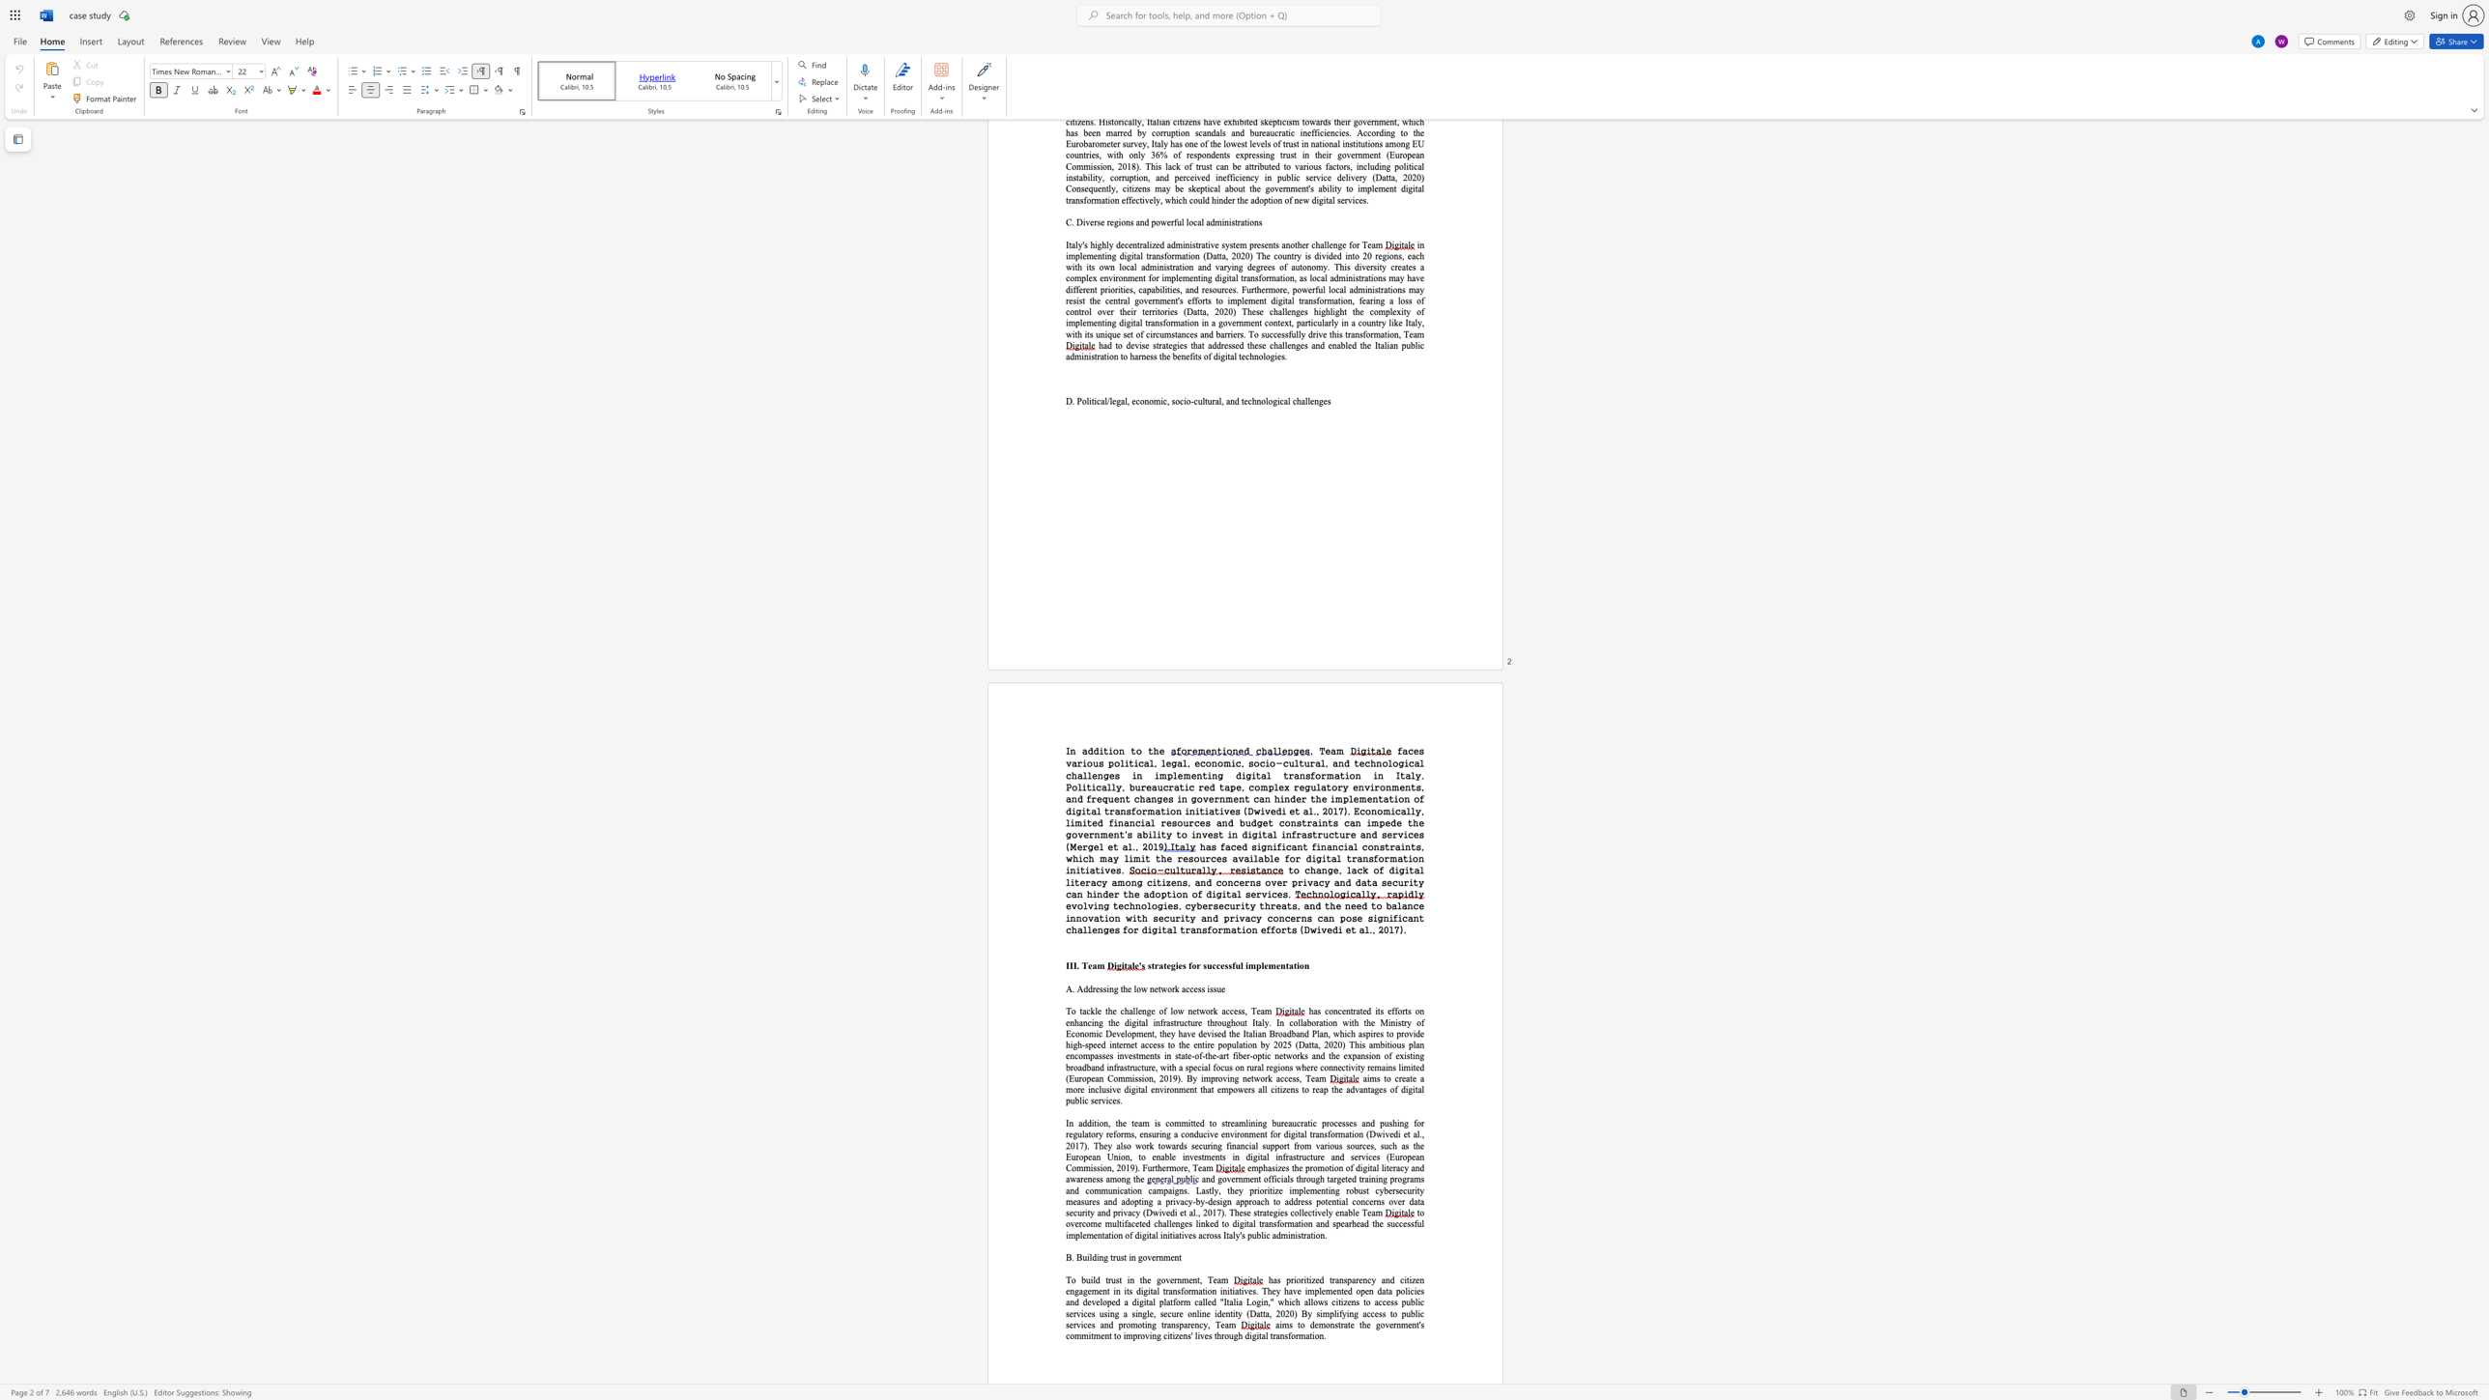 Image resolution: width=2489 pixels, height=1400 pixels. What do you see at coordinates (1114, 1301) in the screenshot?
I see `the subset text "d a digital platform called" within the text "has prioritized transparency and citizen engagement in its digital transformation initiatives. They have implemented open data policies and developed a digital platform called"` at bounding box center [1114, 1301].